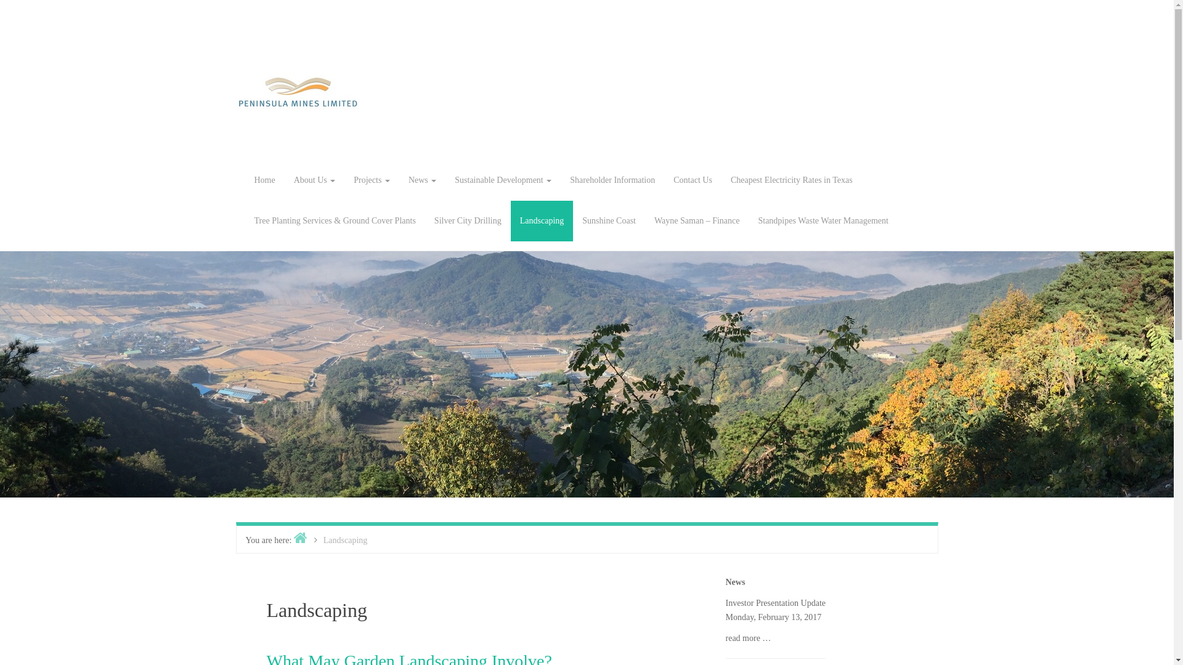  Describe the element at coordinates (823, 220) in the screenshot. I see `'Standpipes Waste Water Management'` at that location.